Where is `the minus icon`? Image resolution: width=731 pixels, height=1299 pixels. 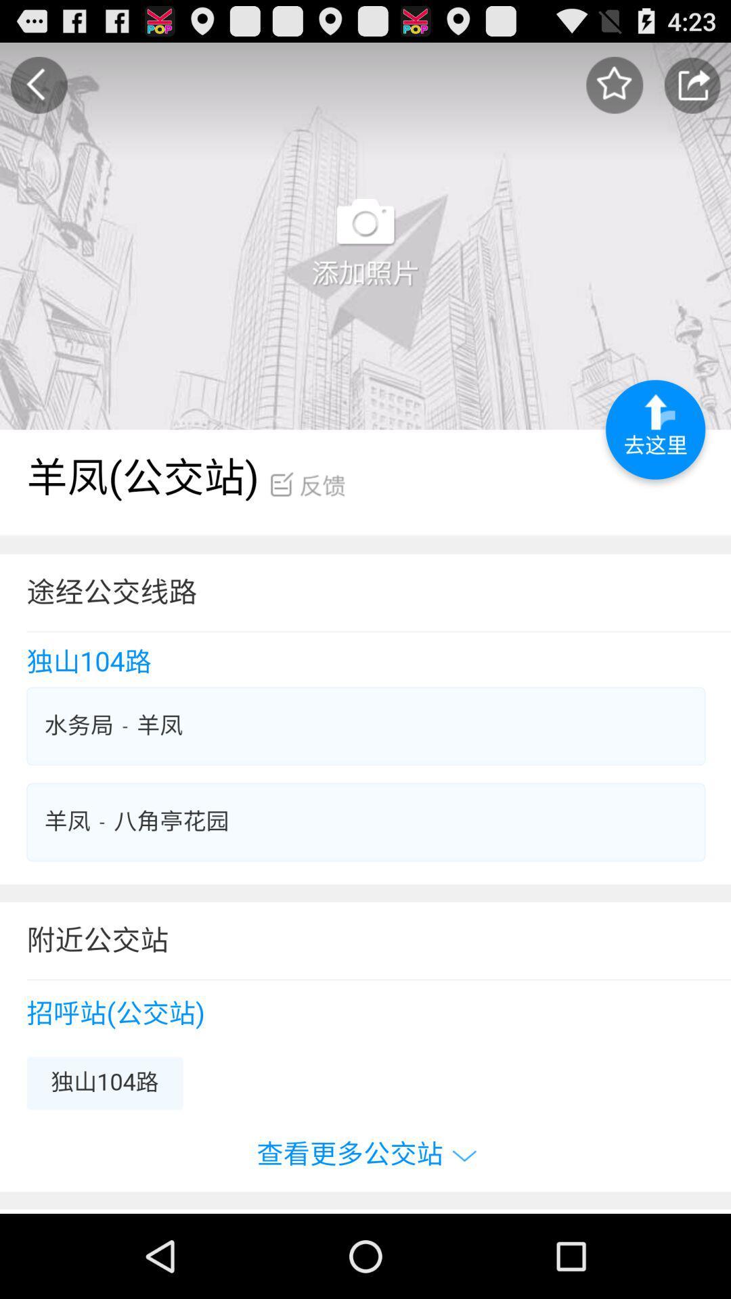 the minus icon is located at coordinates (681, 591).